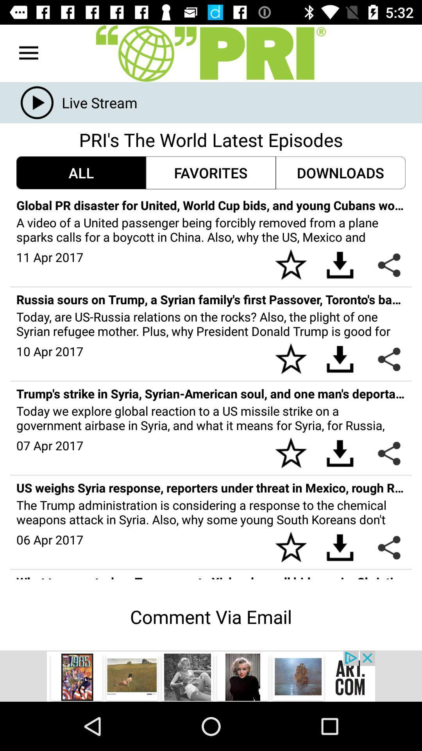 Image resolution: width=422 pixels, height=751 pixels. What do you see at coordinates (211, 53) in the screenshot?
I see `settings` at bounding box center [211, 53].